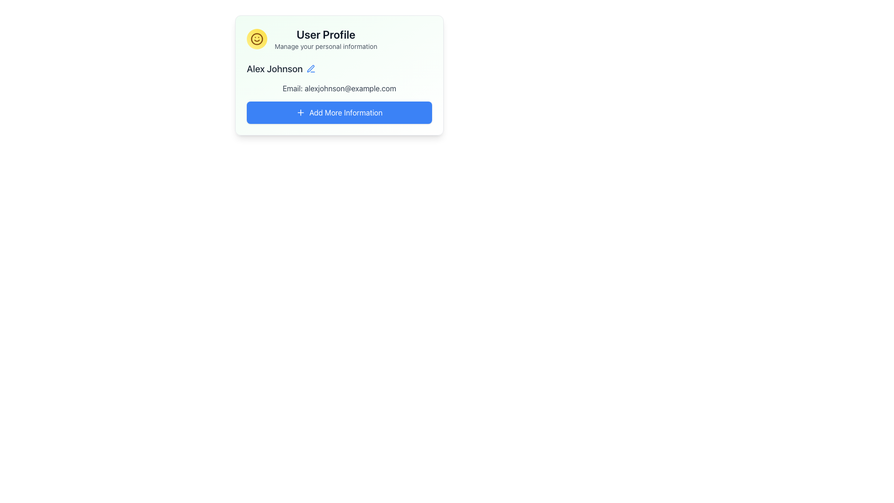  I want to click on the text block styled as a title with the content 'User Profile', which is bold and large, located at the top of the user profile section, so click(326, 34).